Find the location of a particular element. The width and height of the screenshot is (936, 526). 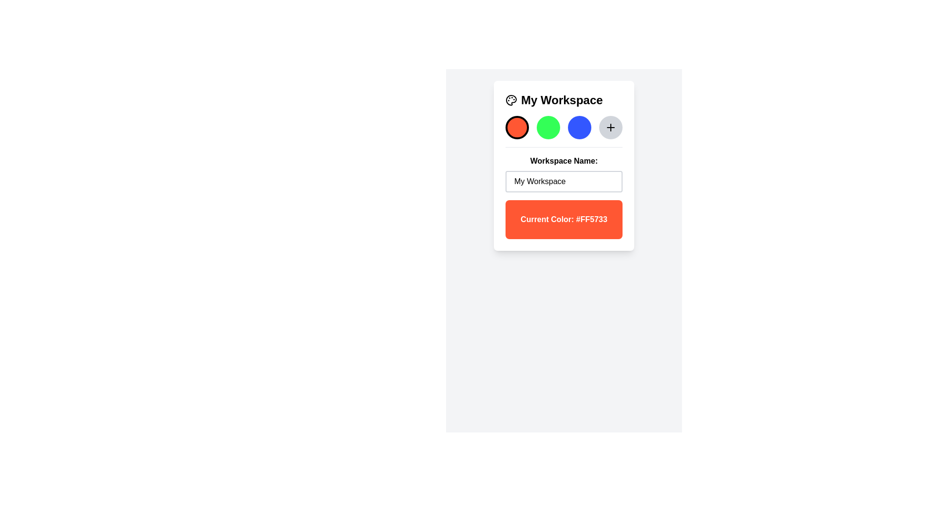

the vibrant orange circular button with a black border located at the top left corner of the grid is located at coordinates (516, 127).